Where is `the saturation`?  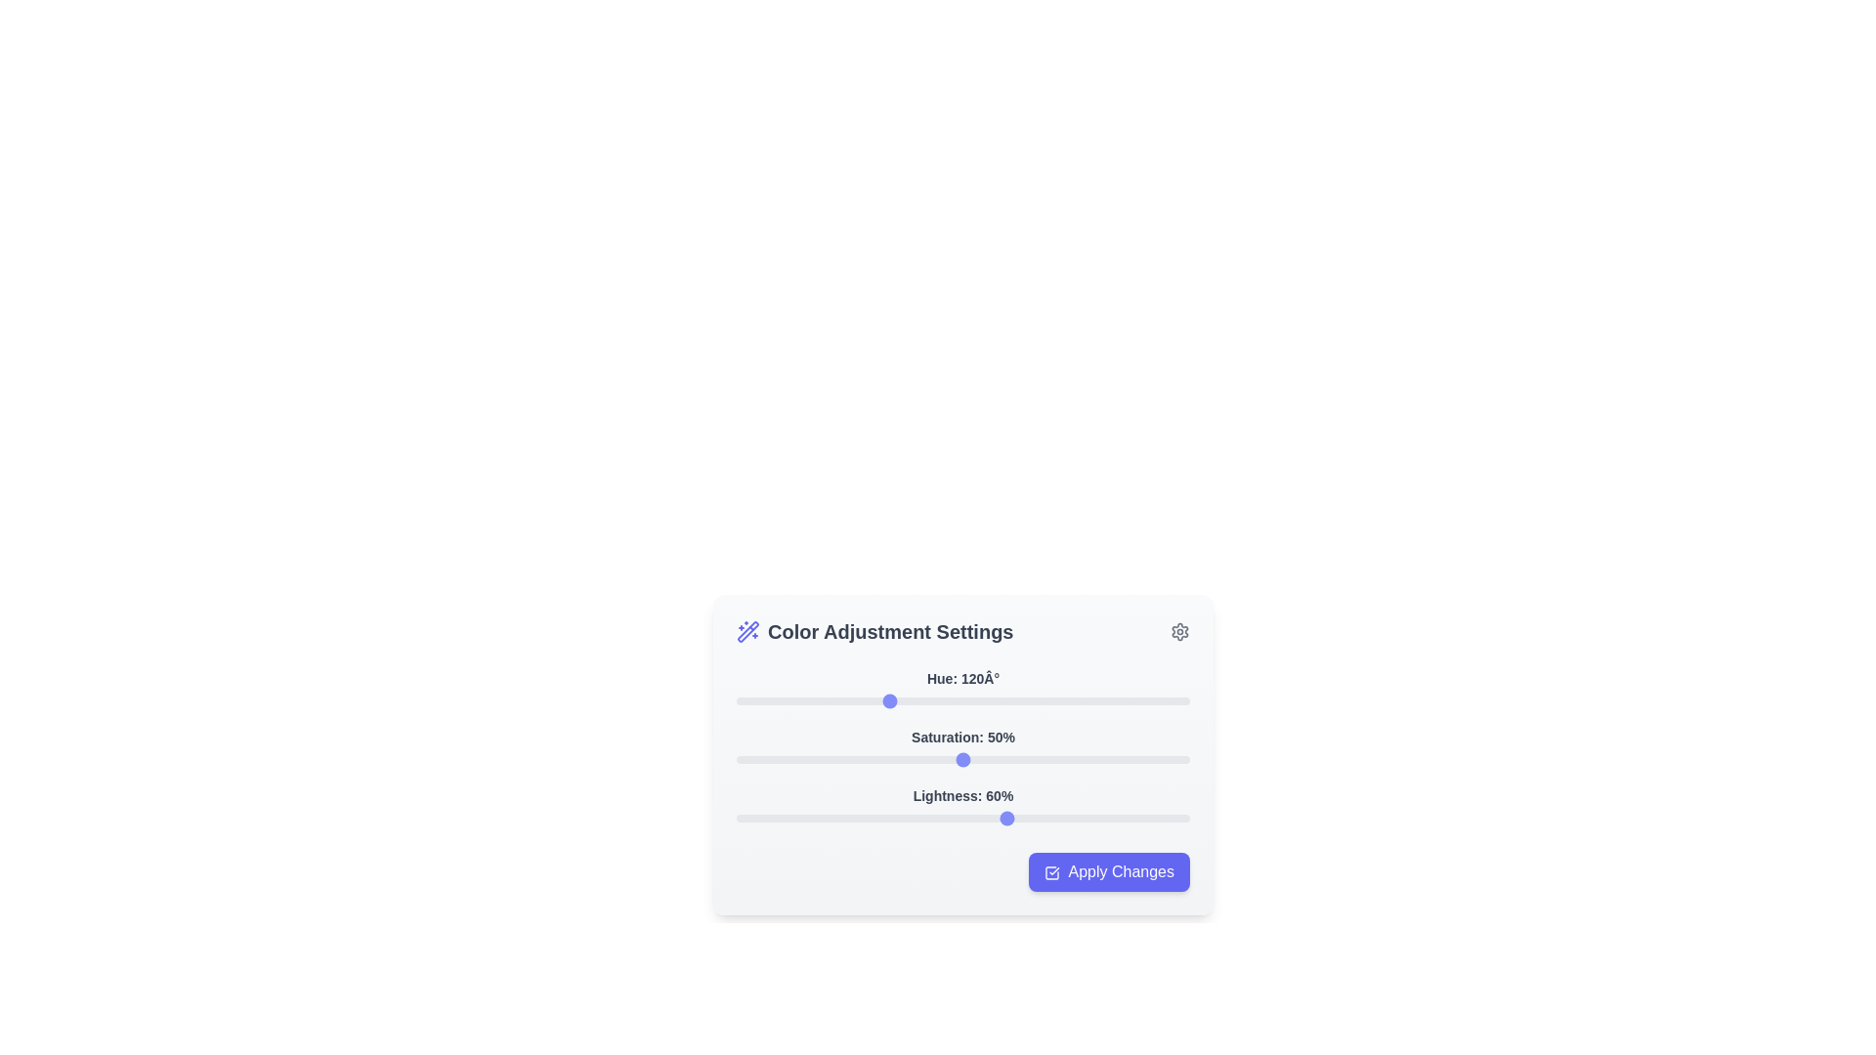 the saturation is located at coordinates (875, 759).